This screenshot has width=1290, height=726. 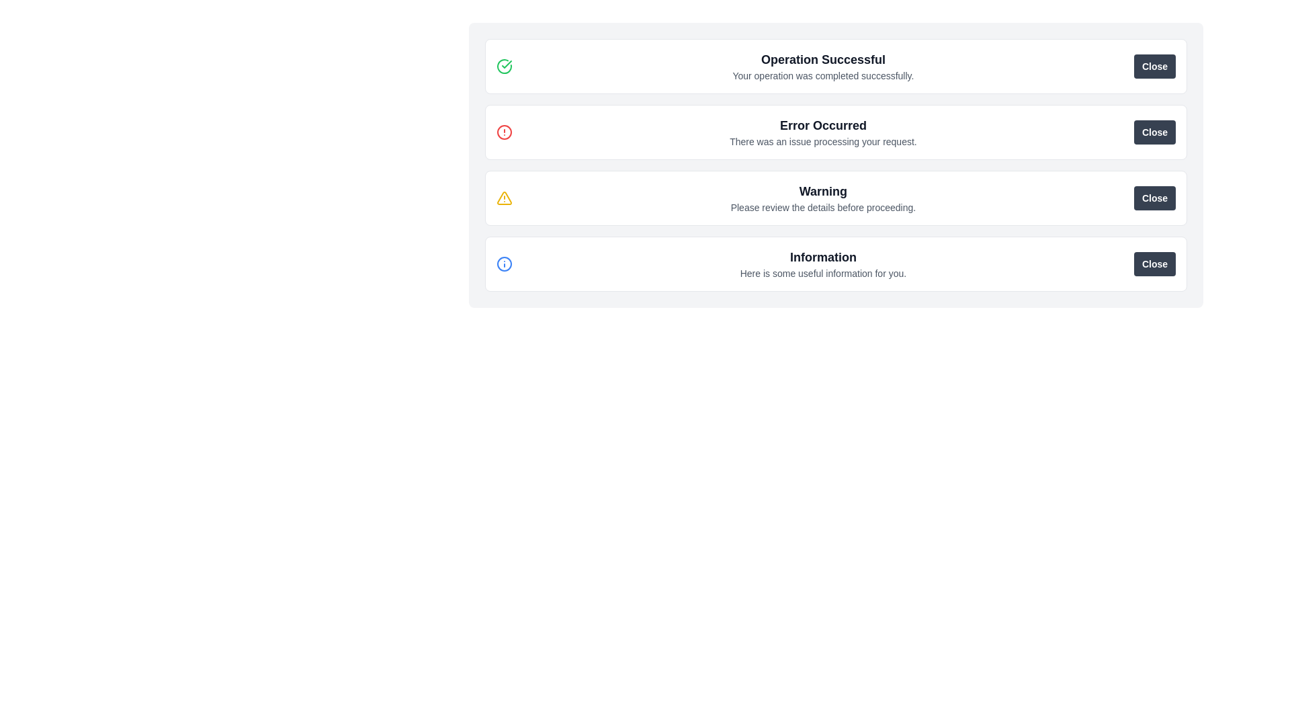 I want to click on the circular graphic with a blue stroke and a white fill, which is part of an SVG icon next to the text labeled 'Information', so click(x=503, y=264).